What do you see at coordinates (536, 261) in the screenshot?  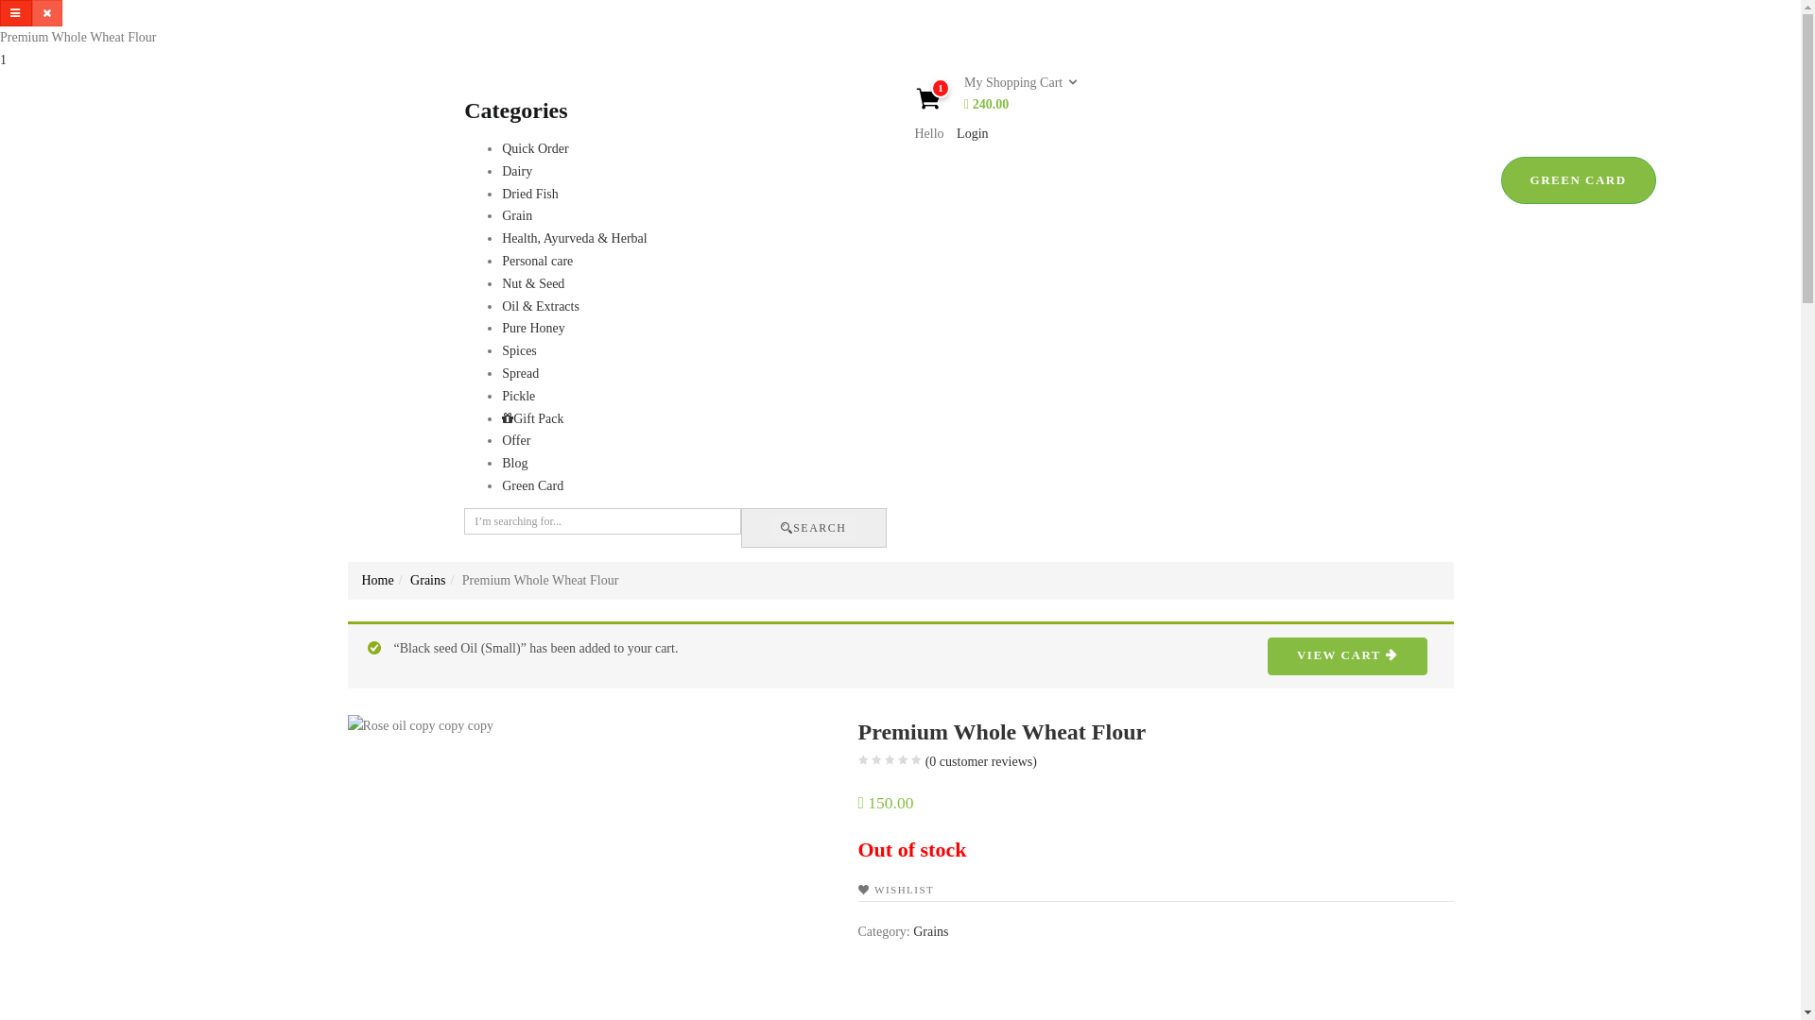 I see `'Personal care'` at bounding box center [536, 261].